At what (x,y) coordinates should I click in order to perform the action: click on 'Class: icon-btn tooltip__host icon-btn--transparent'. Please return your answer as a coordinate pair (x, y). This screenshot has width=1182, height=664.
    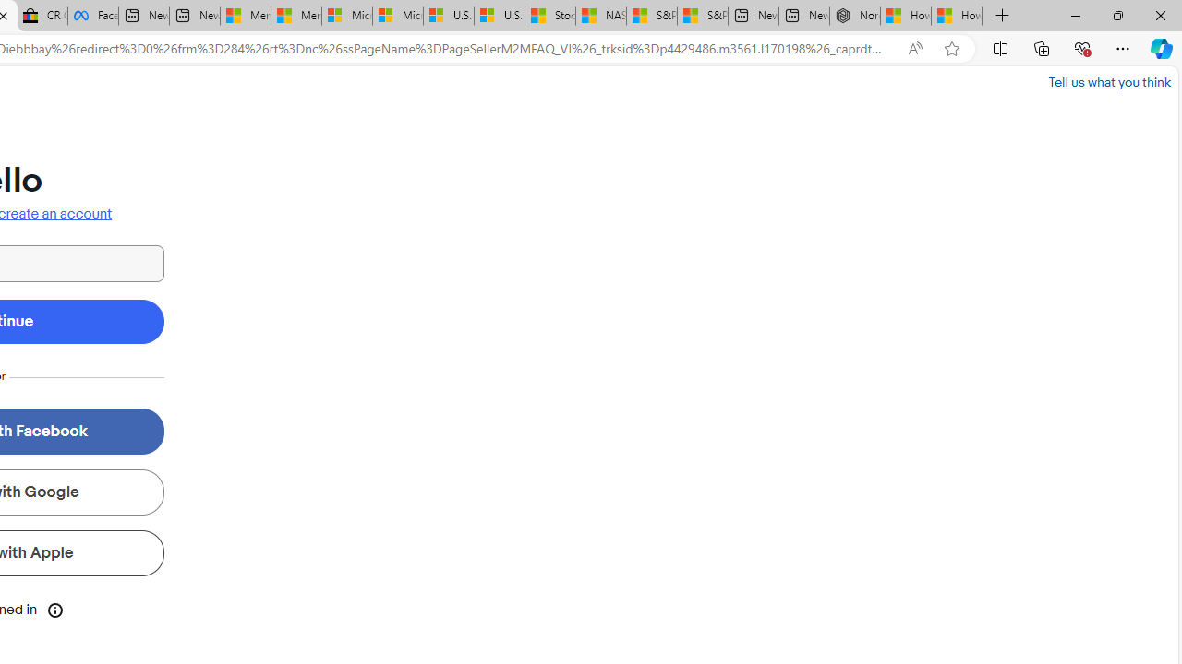
    Looking at the image, I should click on (55, 609).